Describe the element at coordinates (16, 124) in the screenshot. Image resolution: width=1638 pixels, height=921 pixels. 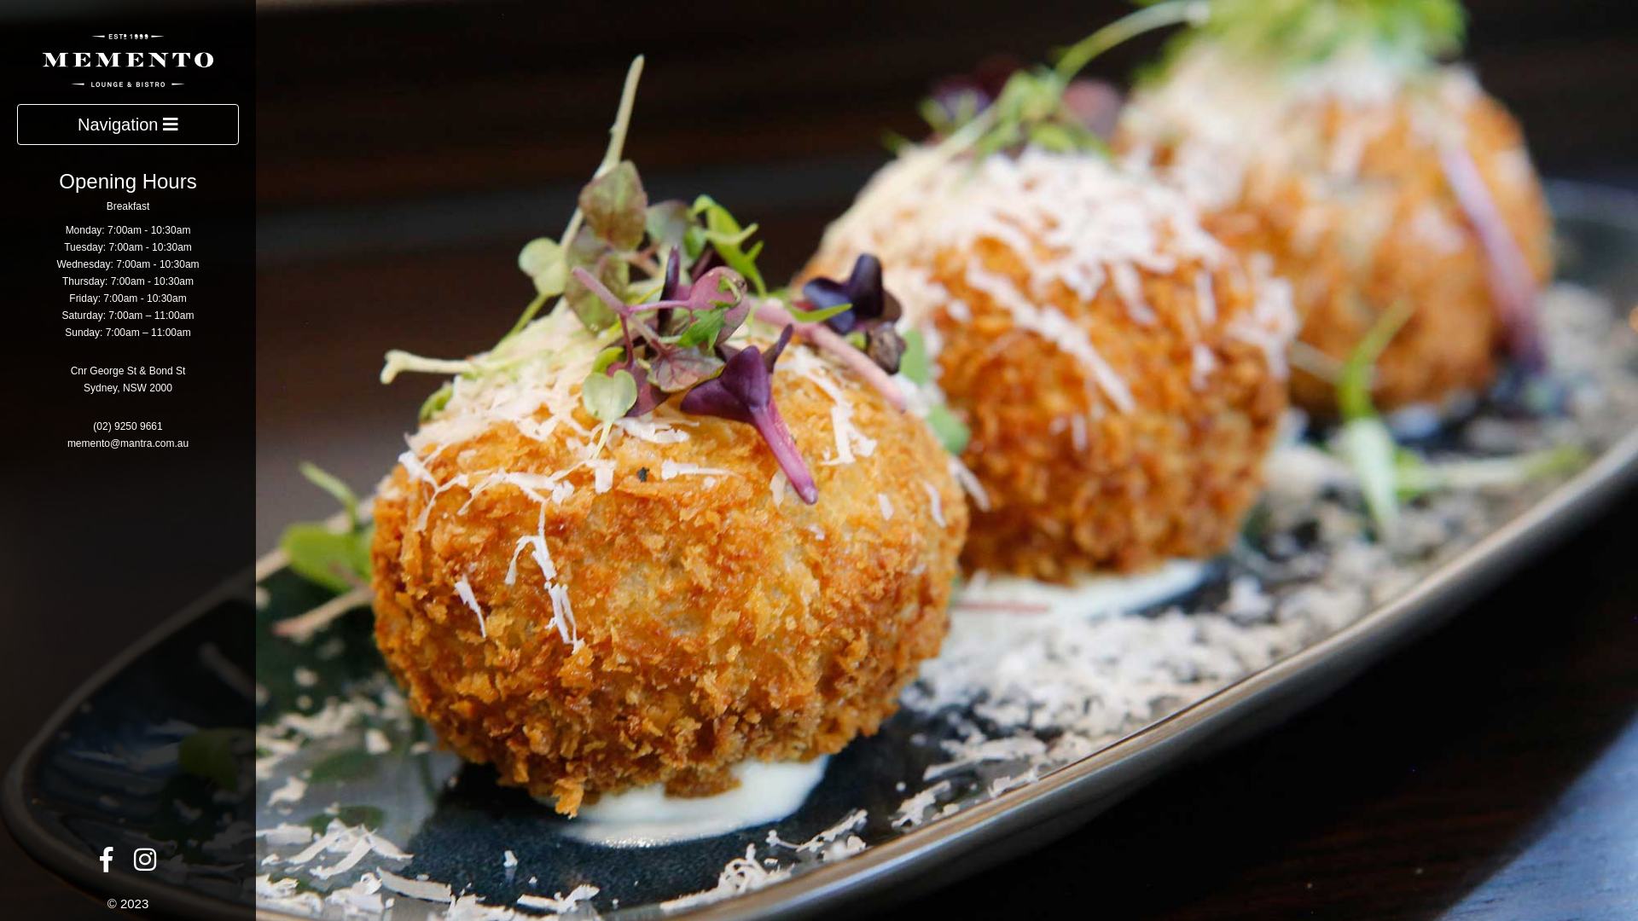
I see `'Navigation'` at that location.